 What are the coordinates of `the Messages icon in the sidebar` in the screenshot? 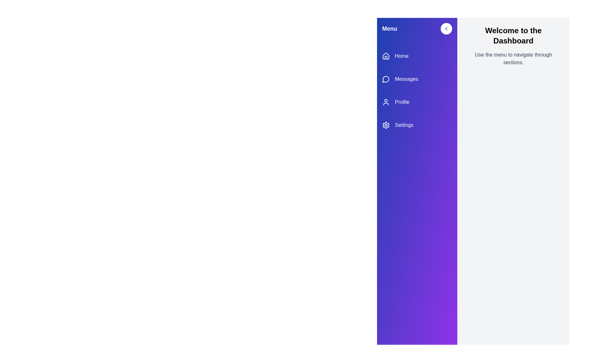 It's located at (385, 79).